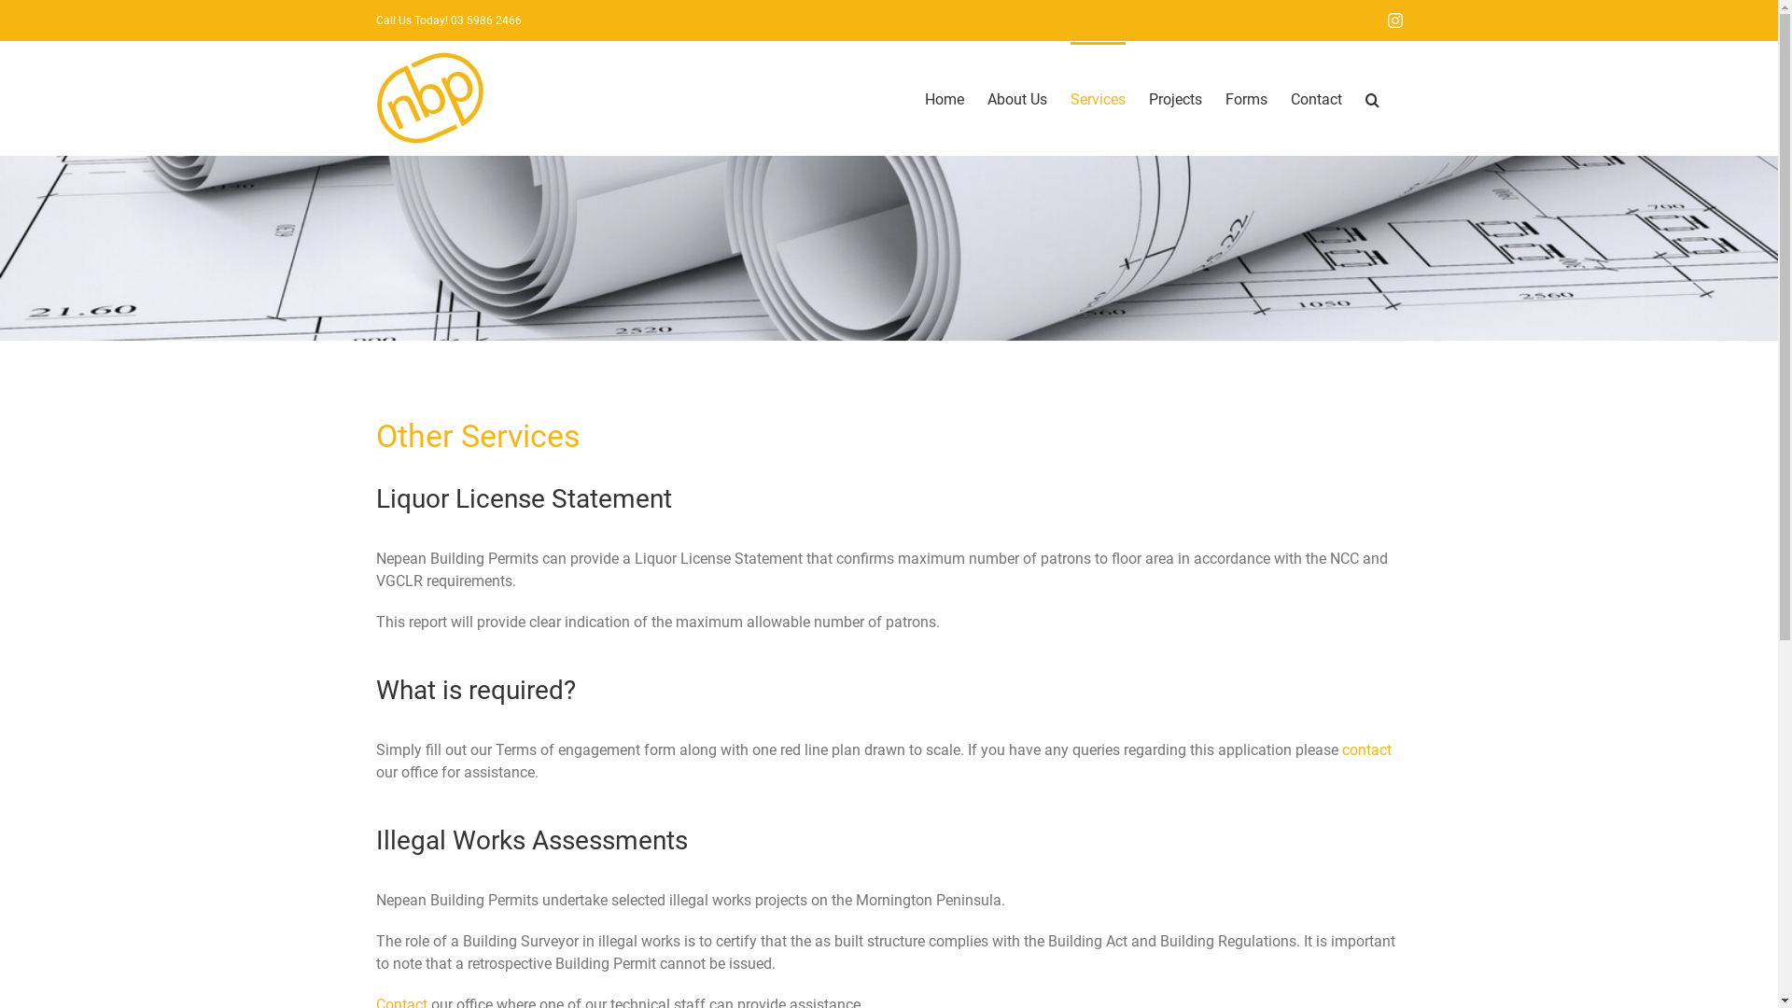 The image size is (1792, 1008). I want to click on 'Contact', so click(1314, 97).